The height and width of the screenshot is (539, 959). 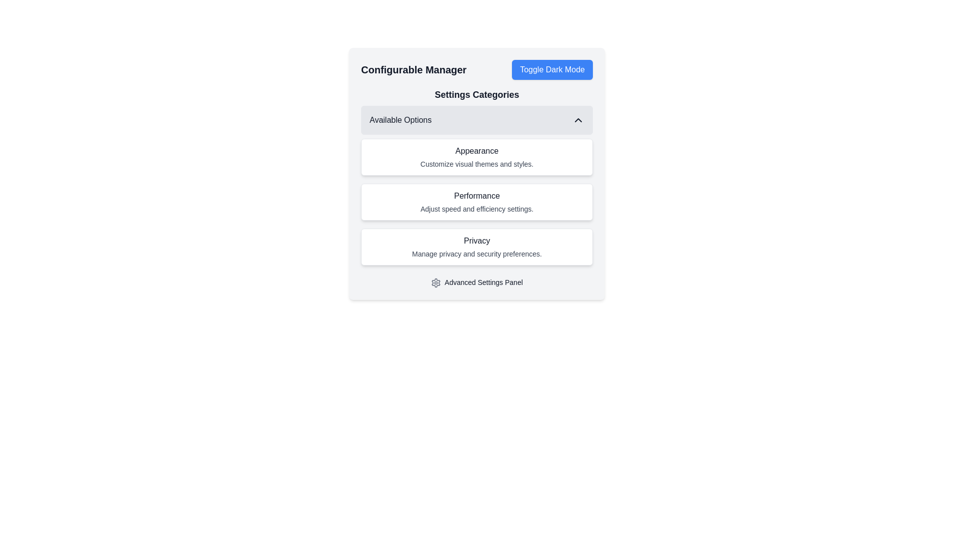 I want to click on the Text Label that provides a description about the 'Appearance' settings, located below the 'Appearance' header in the settings options, so click(x=477, y=163).